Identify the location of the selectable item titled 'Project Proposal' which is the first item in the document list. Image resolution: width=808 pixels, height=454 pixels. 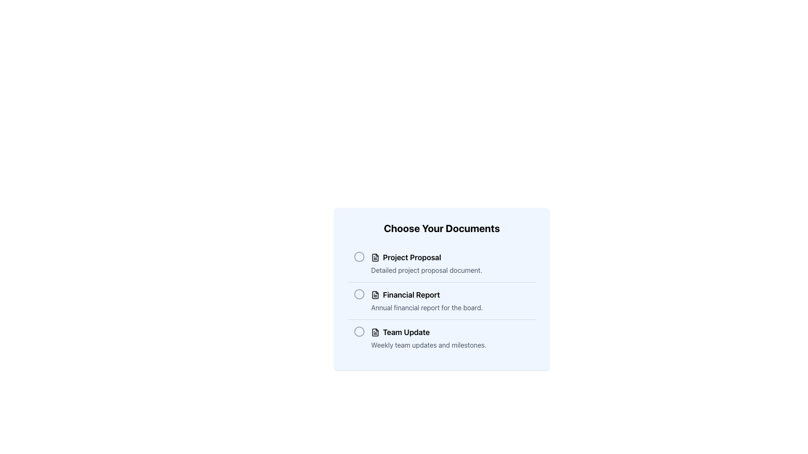
(441, 263).